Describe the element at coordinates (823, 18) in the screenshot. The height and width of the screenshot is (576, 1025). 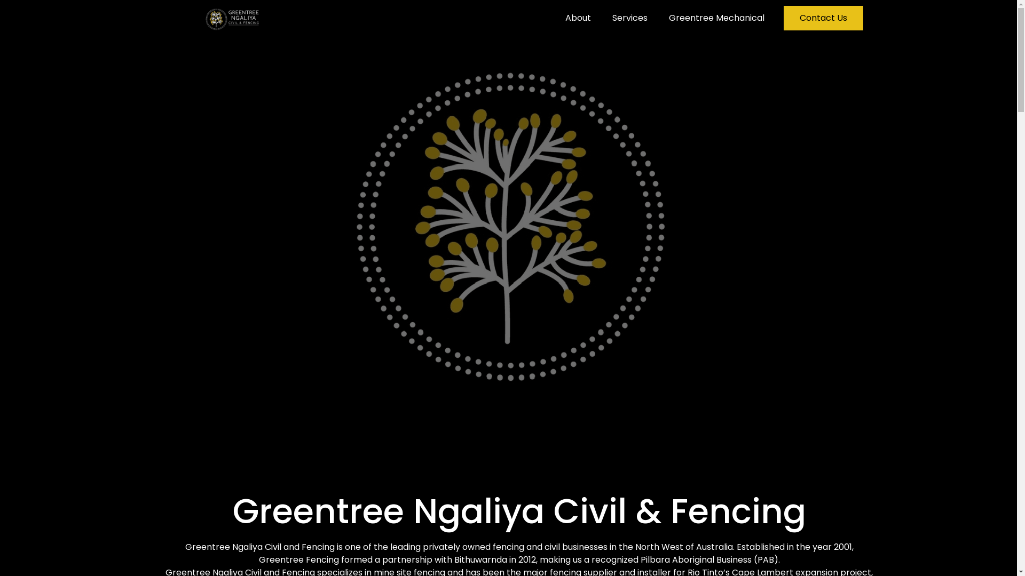
I see `'Contact Us'` at that location.